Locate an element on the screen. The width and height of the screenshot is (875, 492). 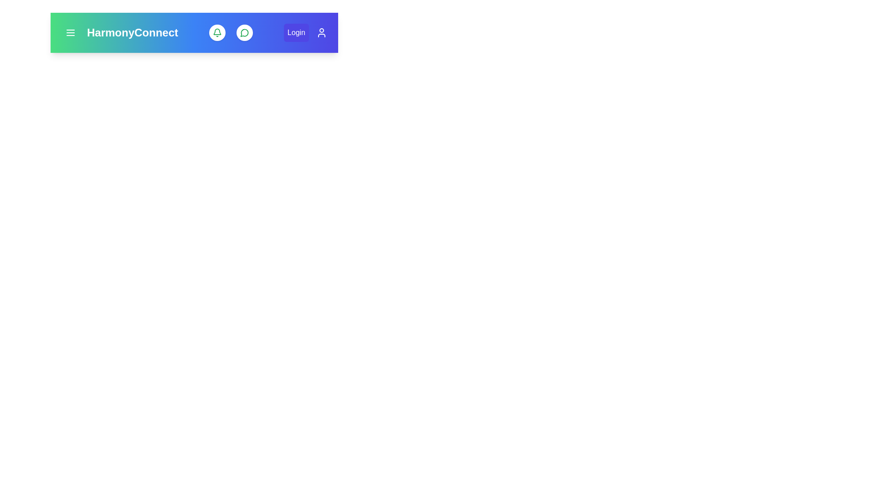
MessageCircle icon to view messages is located at coordinates (245, 32).